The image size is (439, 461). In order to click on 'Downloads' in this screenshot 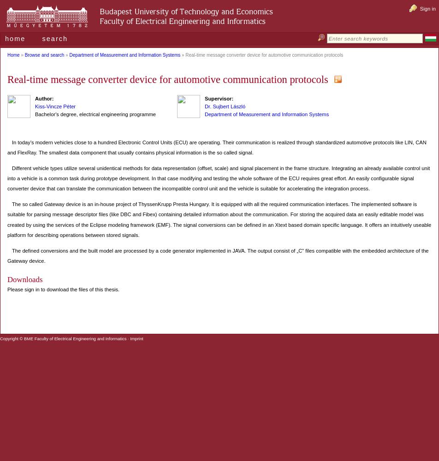, I will do `click(7, 279)`.